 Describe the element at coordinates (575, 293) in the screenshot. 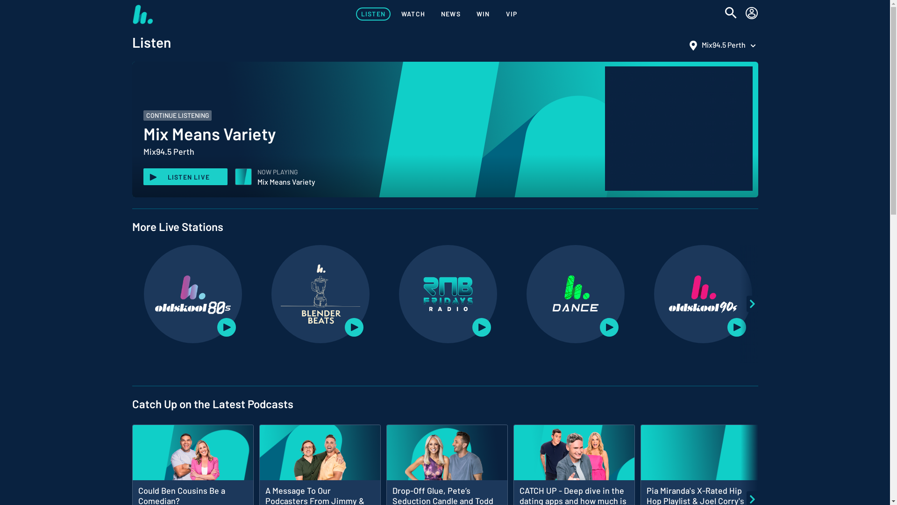

I see `'Dance Hits'` at that location.